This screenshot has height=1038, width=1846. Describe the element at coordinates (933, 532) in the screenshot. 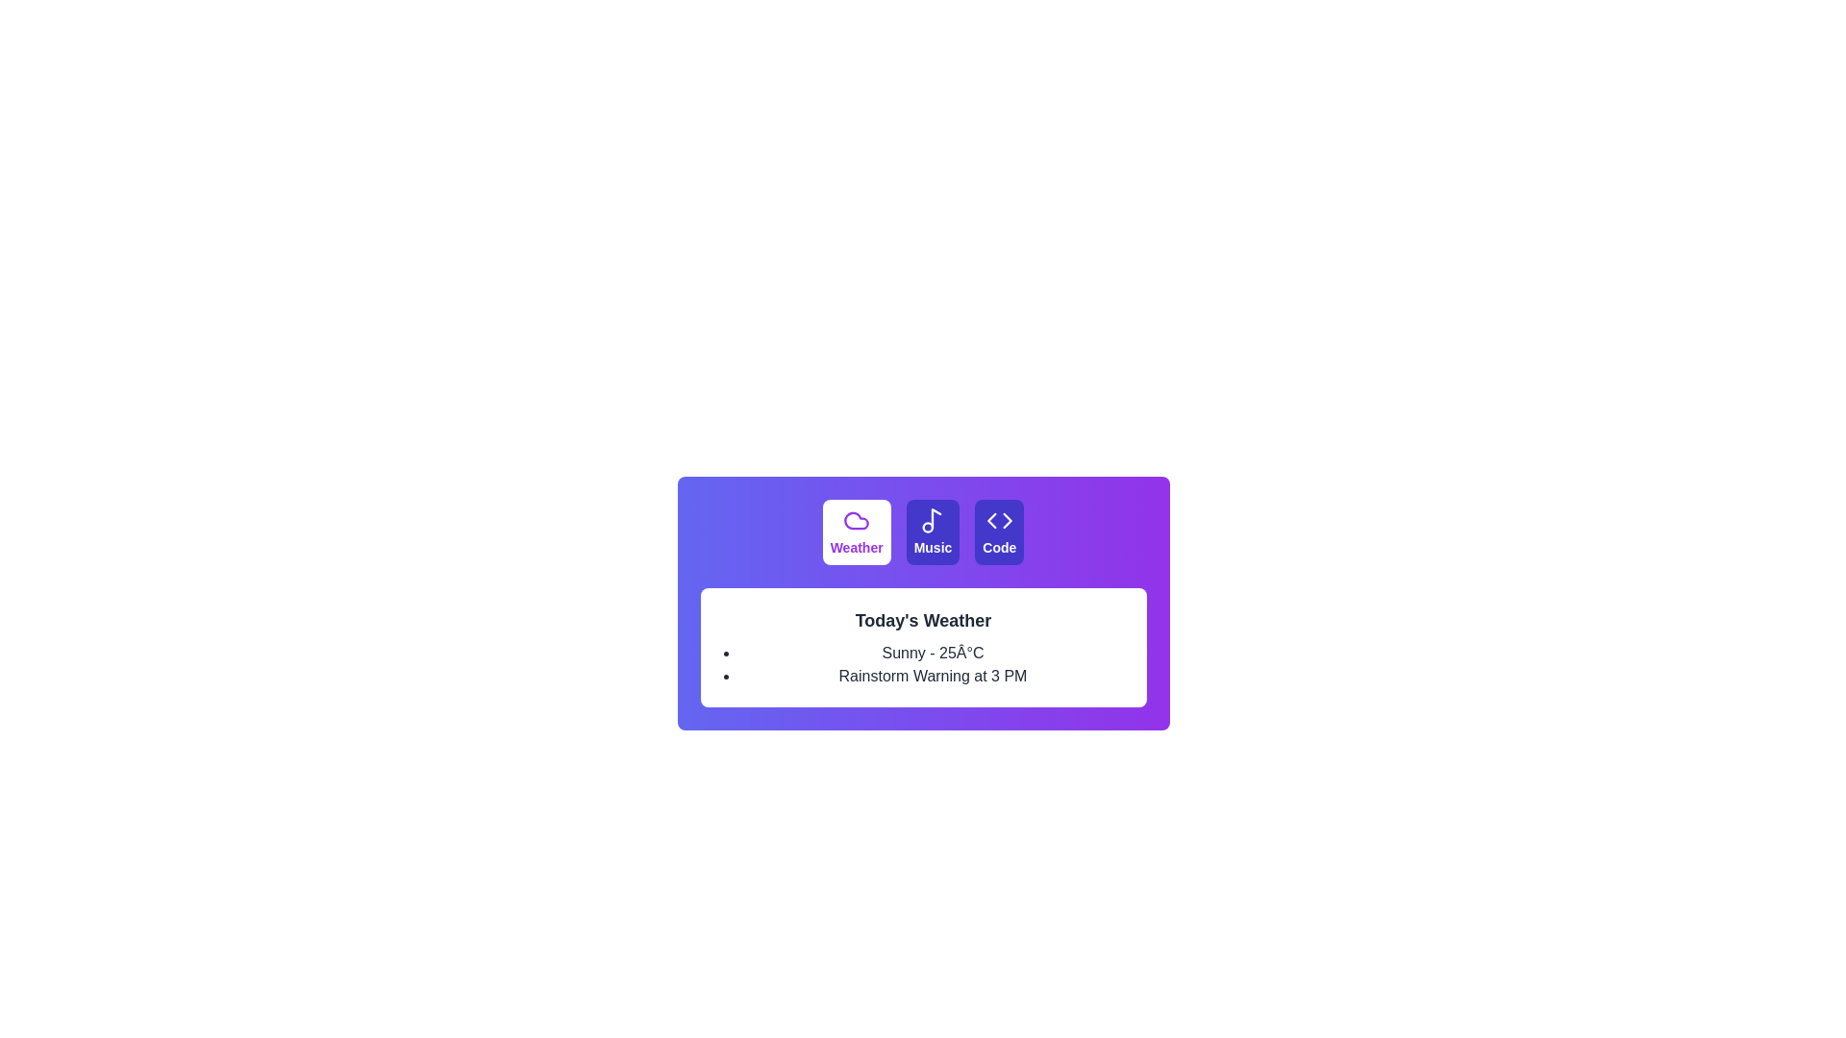

I see `the 'Music' button` at that location.